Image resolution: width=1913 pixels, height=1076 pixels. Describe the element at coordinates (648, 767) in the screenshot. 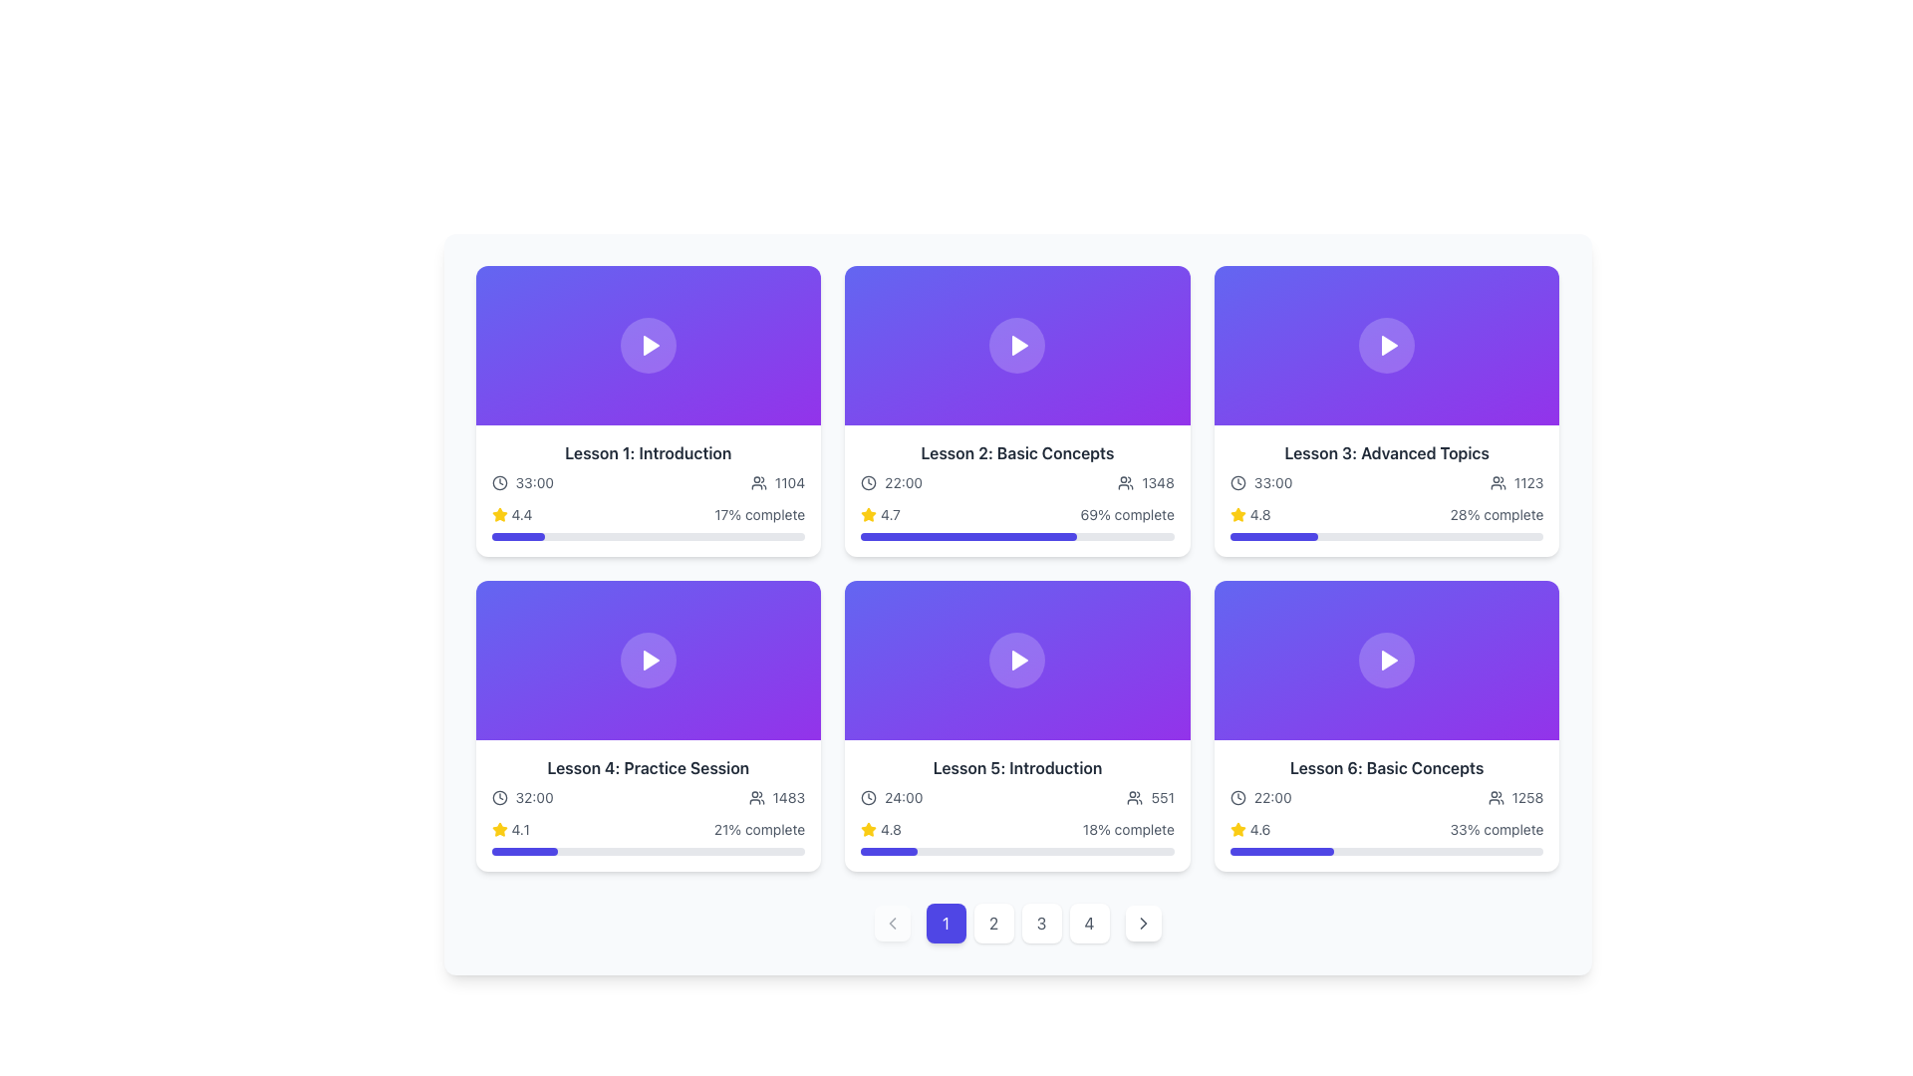

I see `the text label that serves as the descriptive title for the lesson card located in the fourth card of the second row in the grid layout` at that location.